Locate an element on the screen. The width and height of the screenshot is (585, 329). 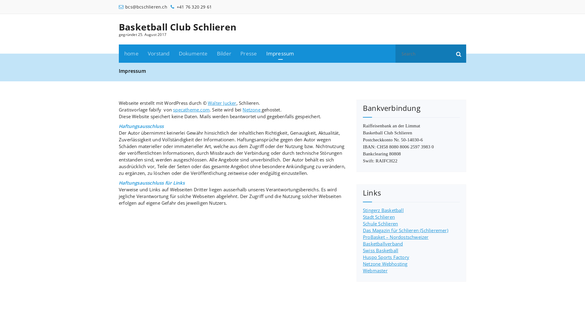
'specatheme.com' is located at coordinates (191, 109).